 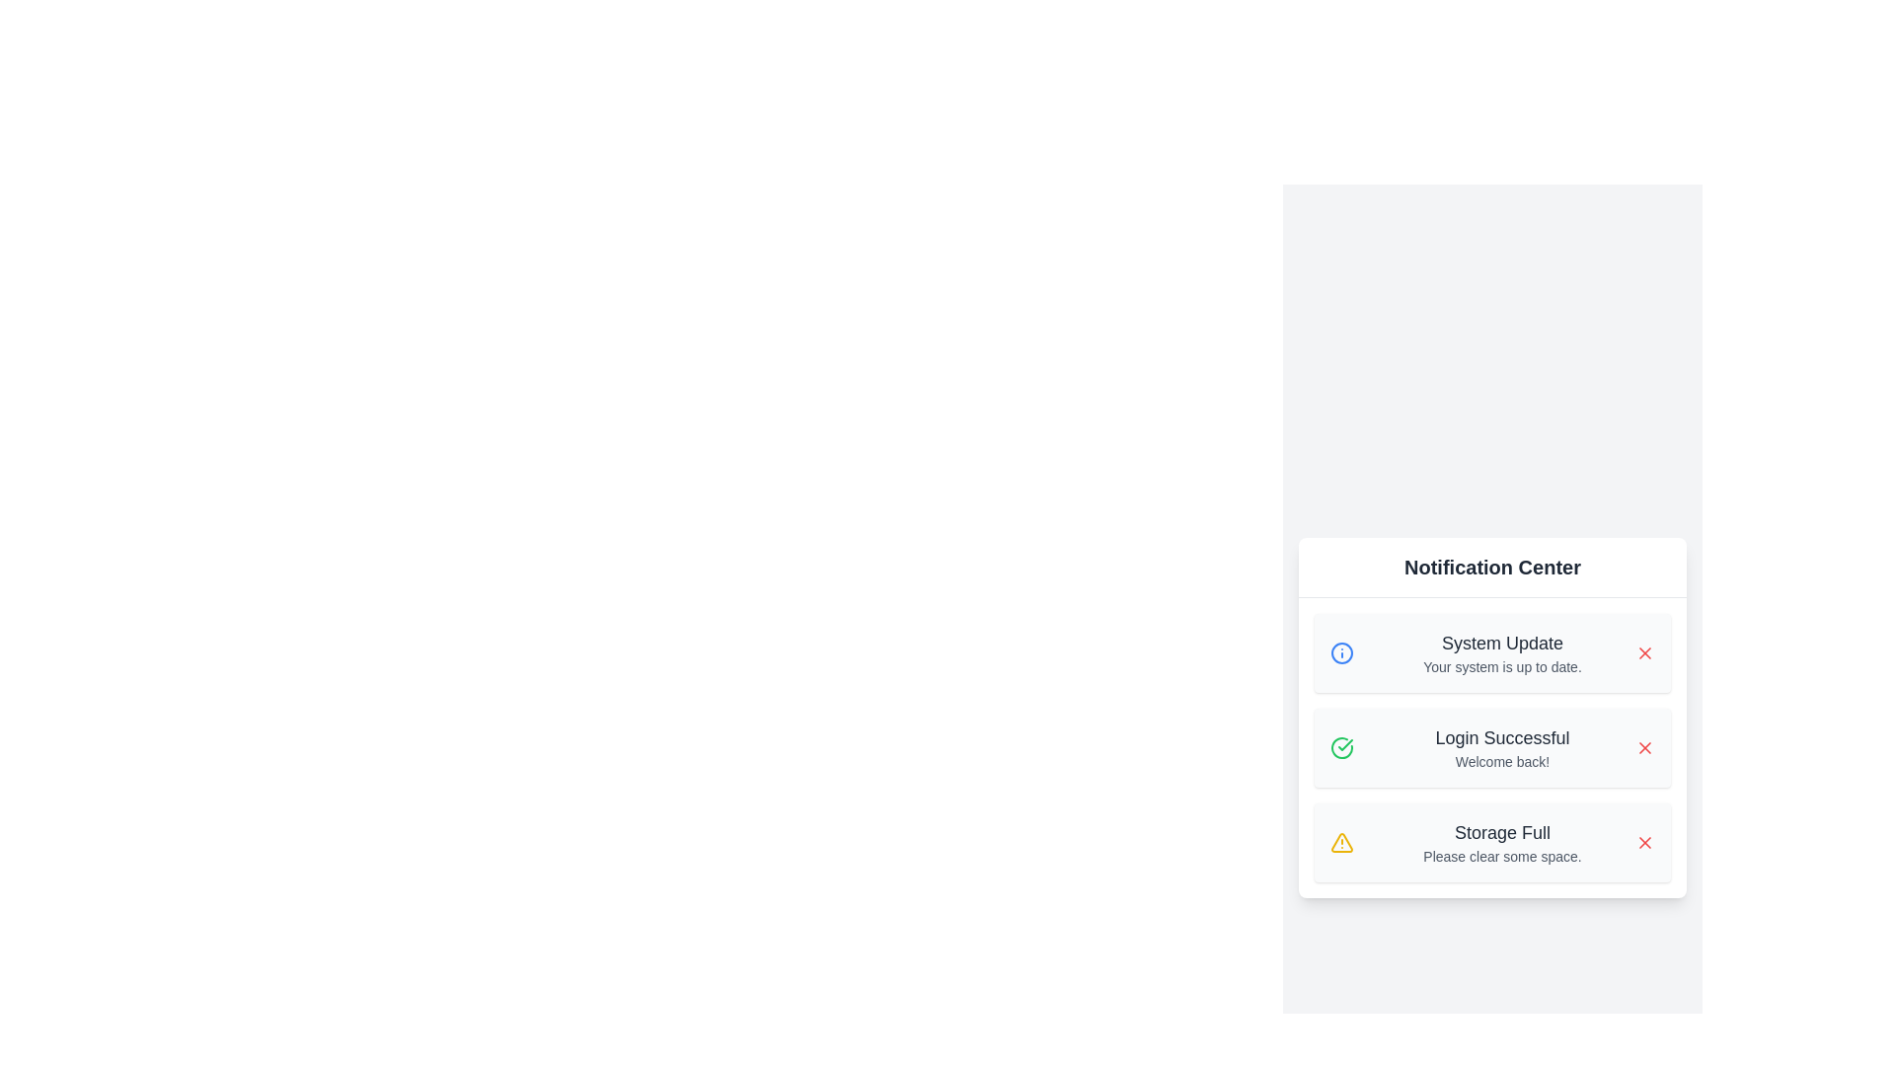 I want to click on the text label that displays 'Welcome back!' located below the 'Login Successful' heading in the Notification Center, so click(x=1501, y=760).